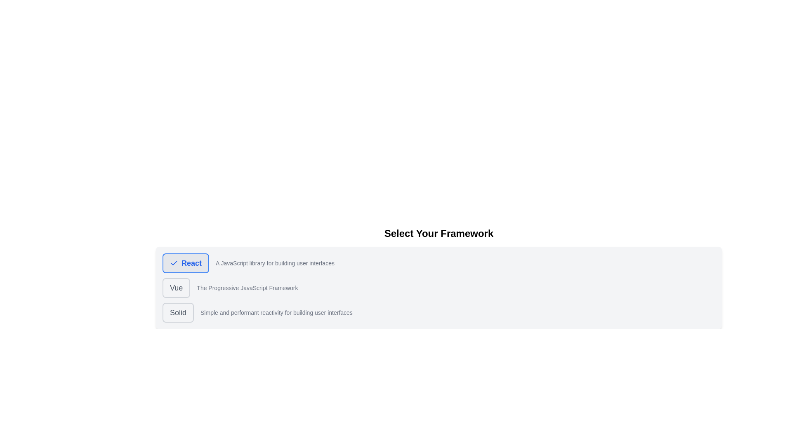 The width and height of the screenshot is (792, 445). What do you see at coordinates (178, 313) in the screenshot?
I see `the 'Solid' button, which is a rectangular button with rounded corners, light gray border, and soft gray background, positioned as the leftmost button in a row of options` at bounding box center [178, 313].